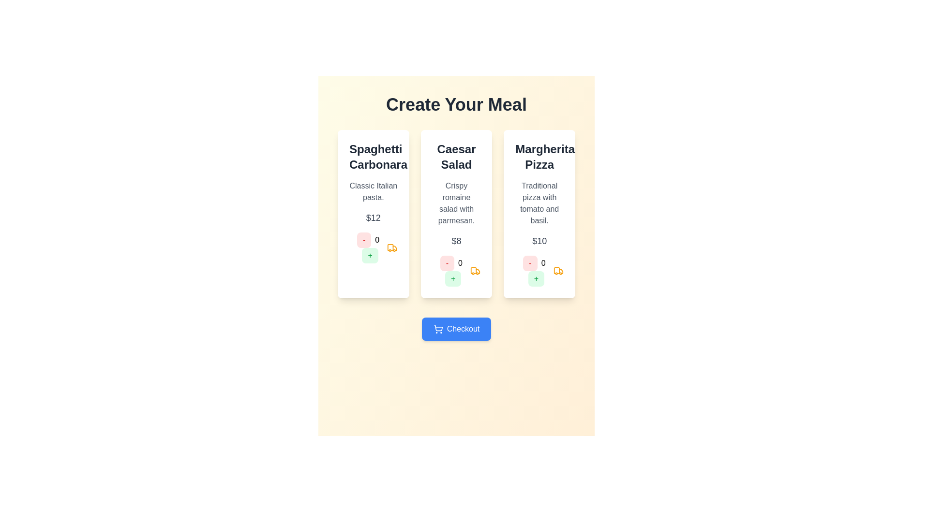 The height and width of the screenshot is (522, 929). I want to click on the rectangular button with a bold blue background labeled 'Checkout', so click(456, 329).